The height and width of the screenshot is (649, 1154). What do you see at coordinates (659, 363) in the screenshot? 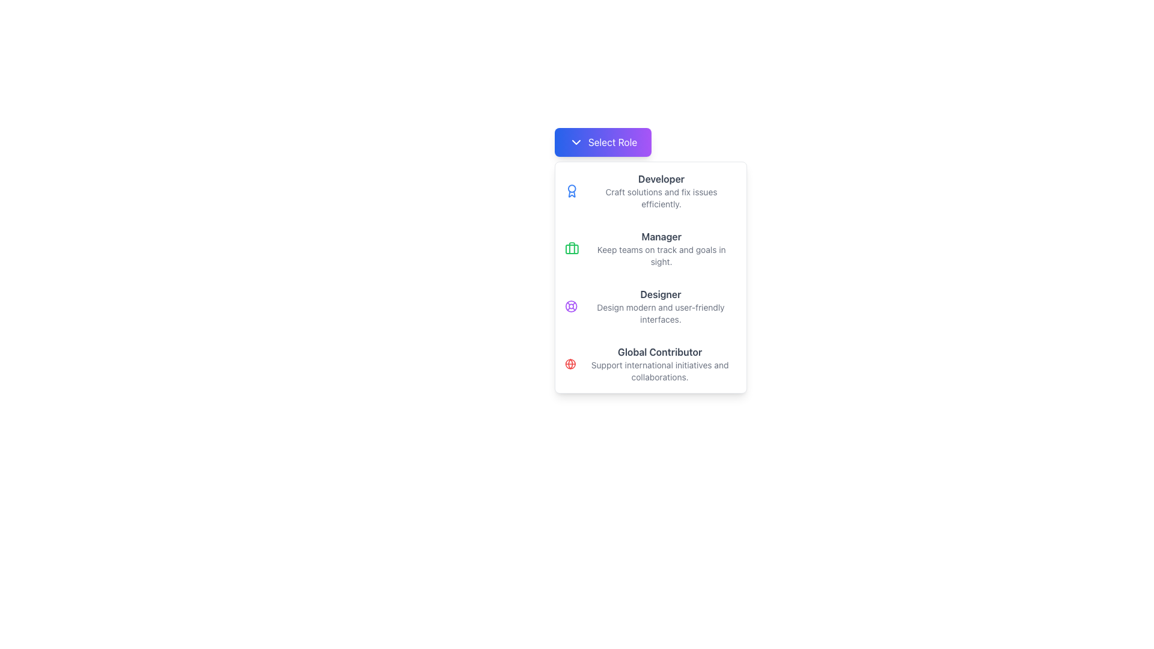
I see `text content of the 'Global Contributor' role label, which is the fourth option in the role list, located beneath the 'Designer' option and accompanied by a globe icon` at bounding box center [659, 363].